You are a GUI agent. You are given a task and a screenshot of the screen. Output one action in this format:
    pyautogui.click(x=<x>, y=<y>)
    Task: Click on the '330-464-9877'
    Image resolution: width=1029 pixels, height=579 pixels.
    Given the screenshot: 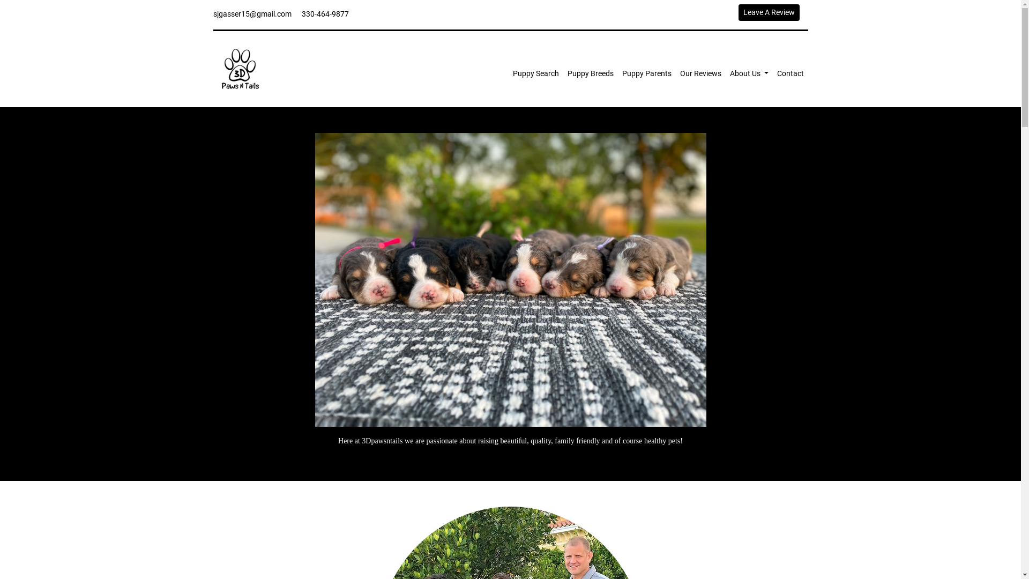 What is the action you would take?
    pyautogui.click(x=300, y=14)
    